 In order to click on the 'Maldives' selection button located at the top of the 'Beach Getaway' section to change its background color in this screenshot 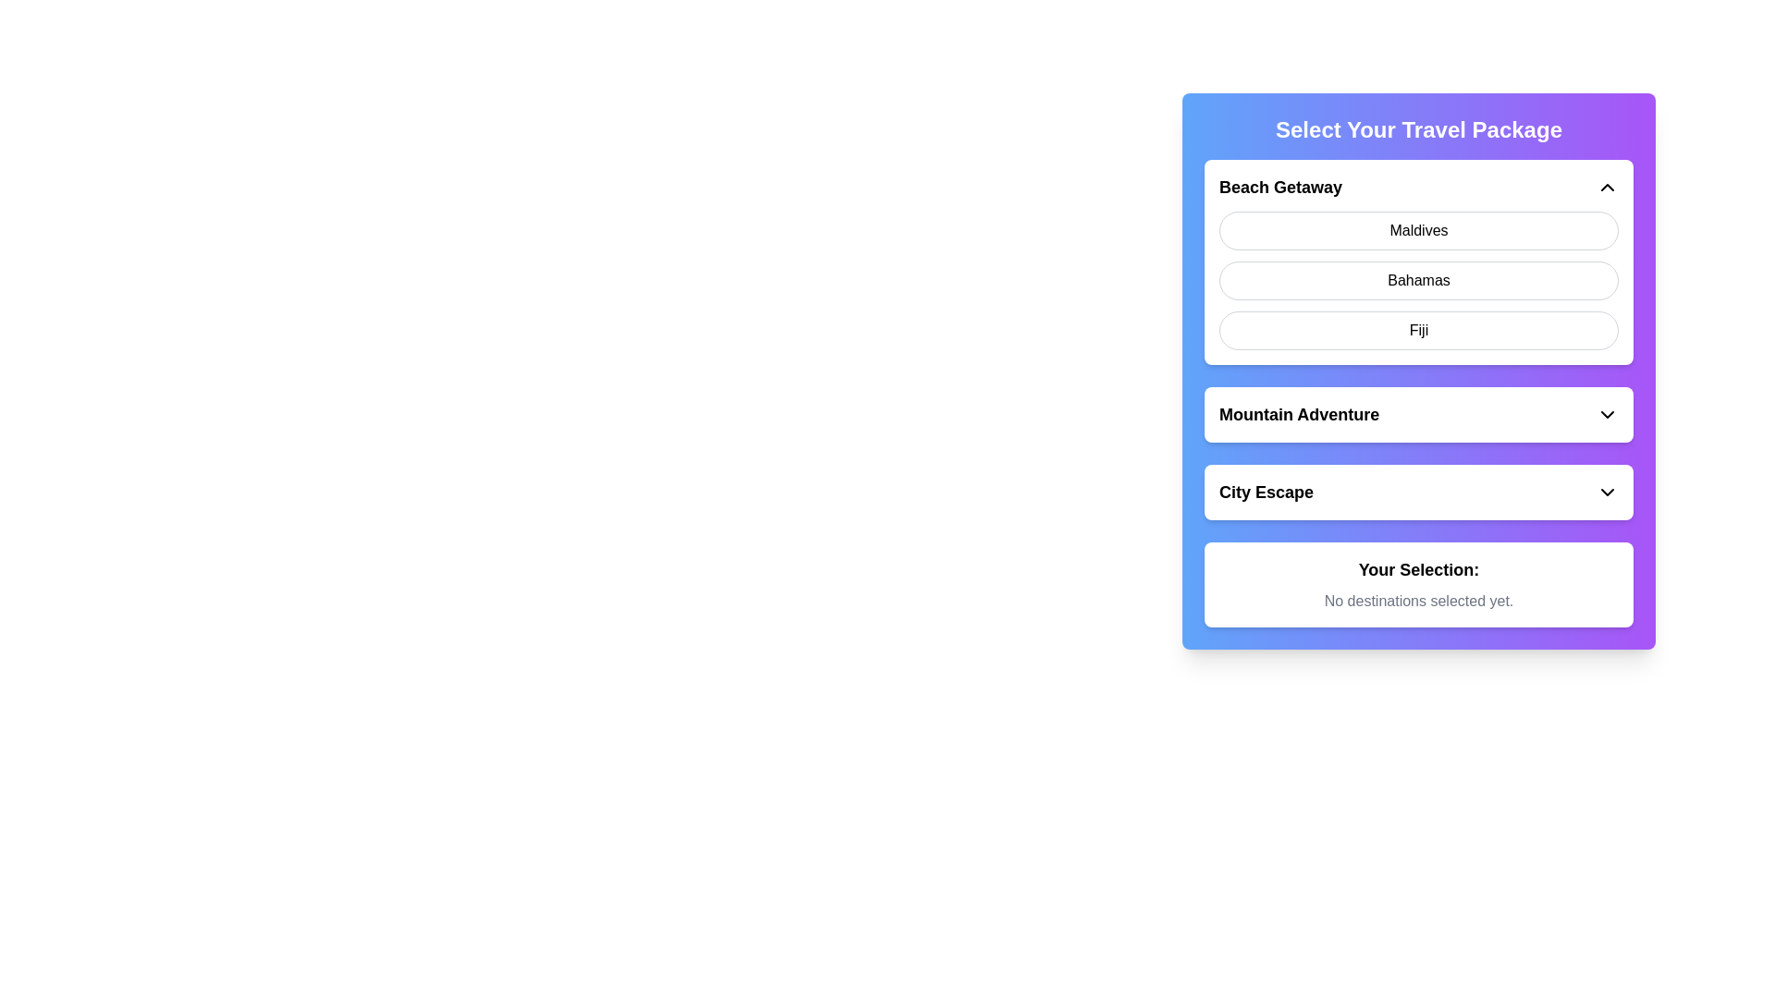, I will do `click(1418, 230)`.